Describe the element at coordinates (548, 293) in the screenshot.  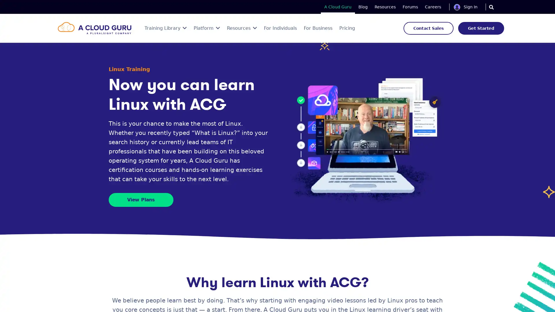
I see `Close` at that location.